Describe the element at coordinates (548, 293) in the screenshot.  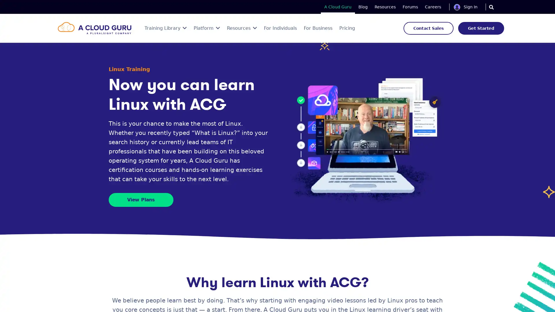
I see `Close` at that location.